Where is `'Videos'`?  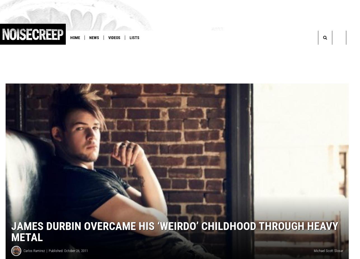
'Videos' is located at coordinates (114, 38).